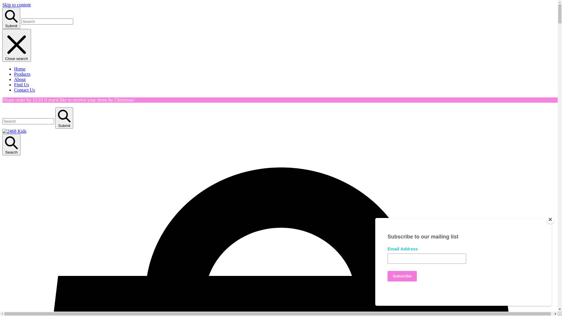 Image resolution: width=562 pixels, height=316 pixels. Describe the element at coordinates (17, 45) in the screenshot. I see `'Close search'` at that location.